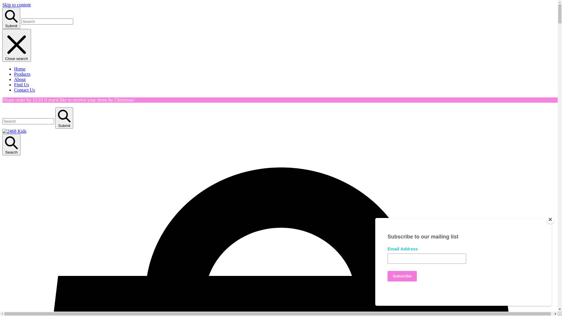 Image resolution: width=562 pixels, height=316 pixels. Describe the element at coordinates (17, 45) in the screenshot. I see `'Close search'` at that location.